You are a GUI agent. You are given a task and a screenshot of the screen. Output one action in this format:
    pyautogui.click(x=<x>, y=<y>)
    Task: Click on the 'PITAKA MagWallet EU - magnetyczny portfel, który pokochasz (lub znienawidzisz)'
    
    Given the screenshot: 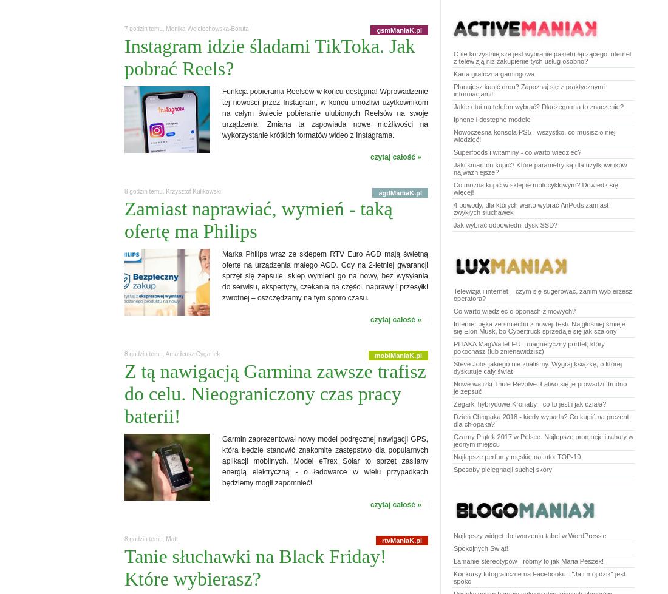 What is the action you would take?
    pyautogui.click(x=528, y=347)
    